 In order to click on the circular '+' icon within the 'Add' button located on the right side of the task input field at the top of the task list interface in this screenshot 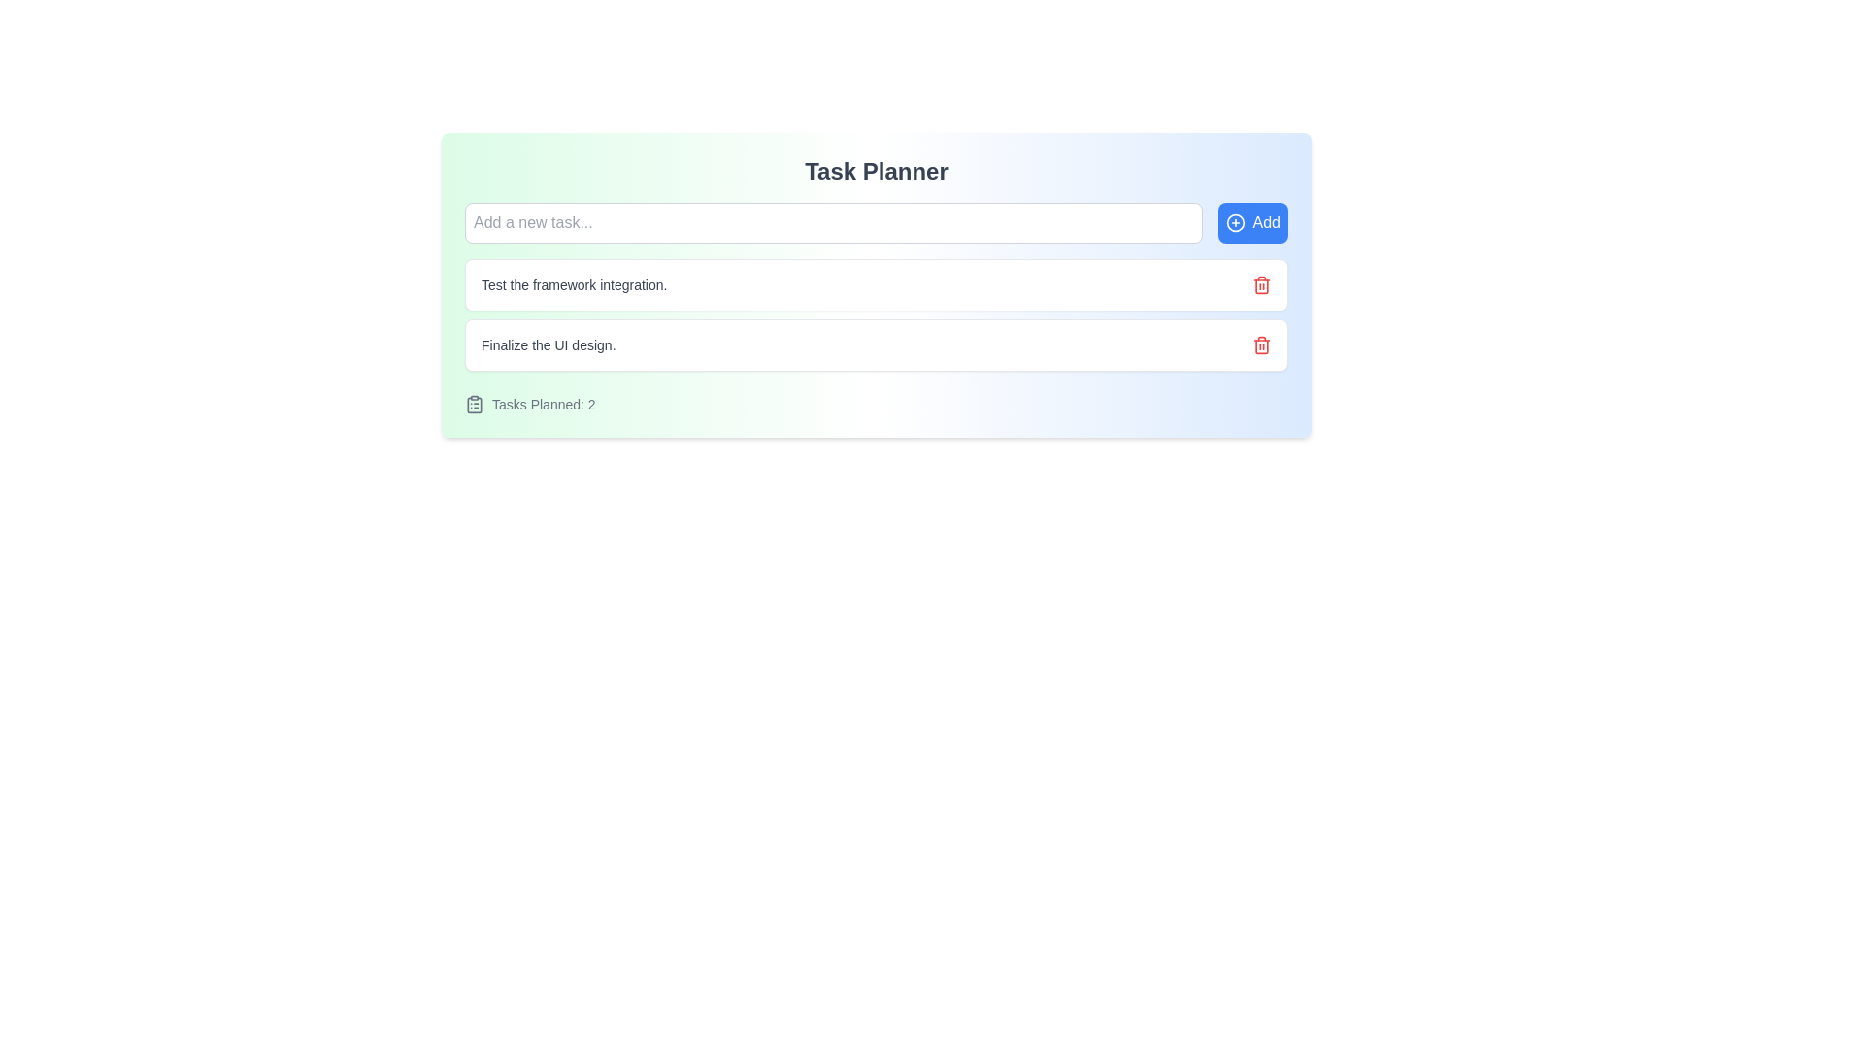, I will do `click(1234, 222)`.